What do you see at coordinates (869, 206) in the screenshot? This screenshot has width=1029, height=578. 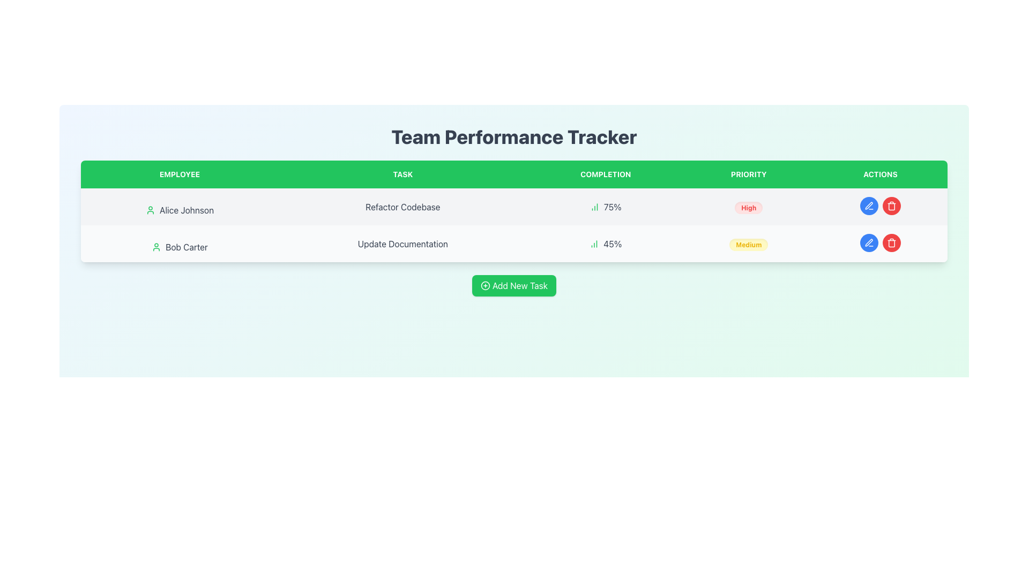 I see `the edit icon button in the 'Actions' column of the second row for the entry 'Bob Carter' to receive tooltips or visual indicators` at bounding box center [869, 206].